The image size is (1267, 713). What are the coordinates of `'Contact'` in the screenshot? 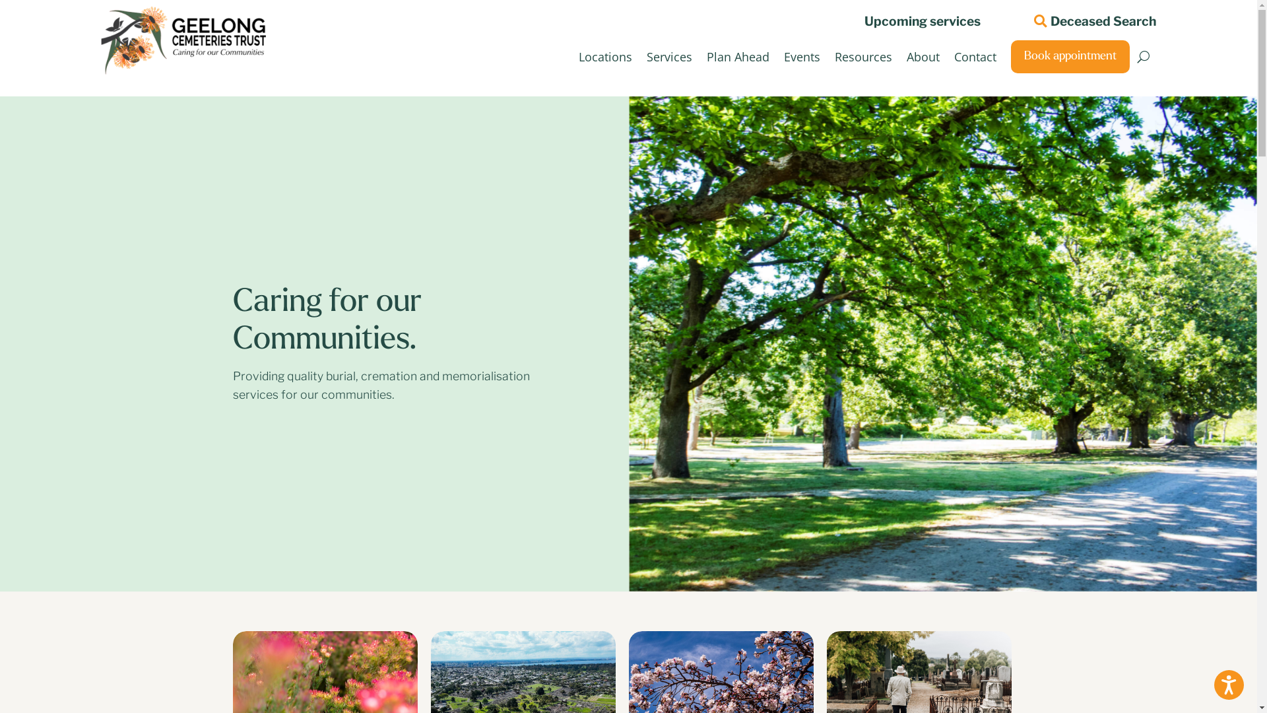 It's located at (975, 55).